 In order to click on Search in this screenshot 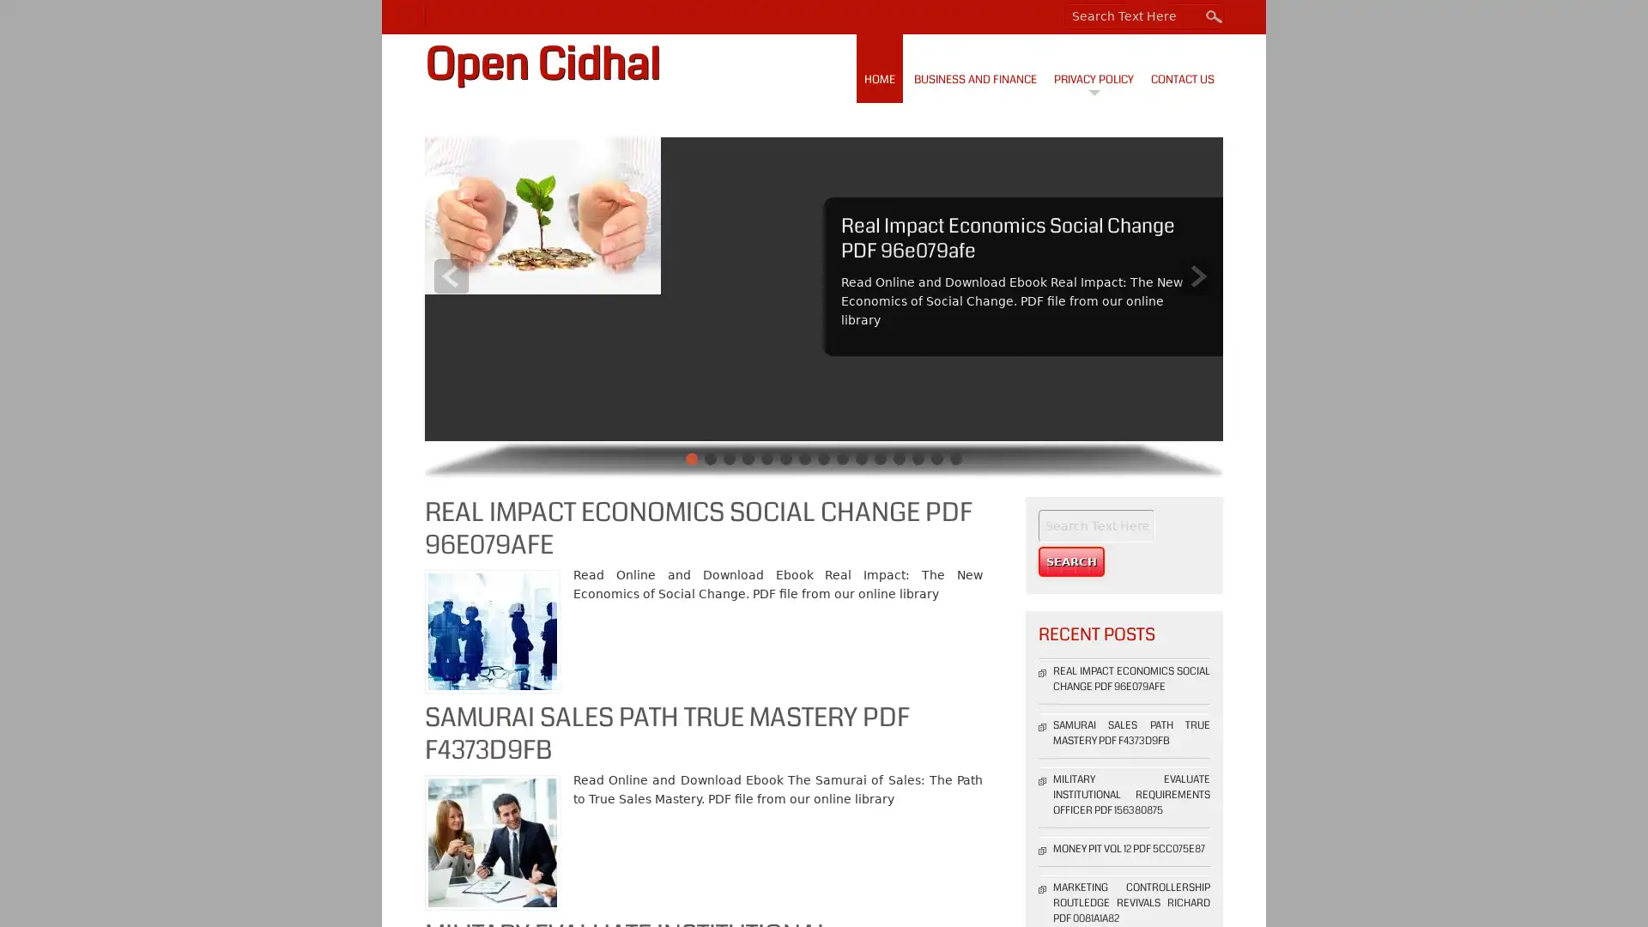, I will do `click(1070, 561)`.